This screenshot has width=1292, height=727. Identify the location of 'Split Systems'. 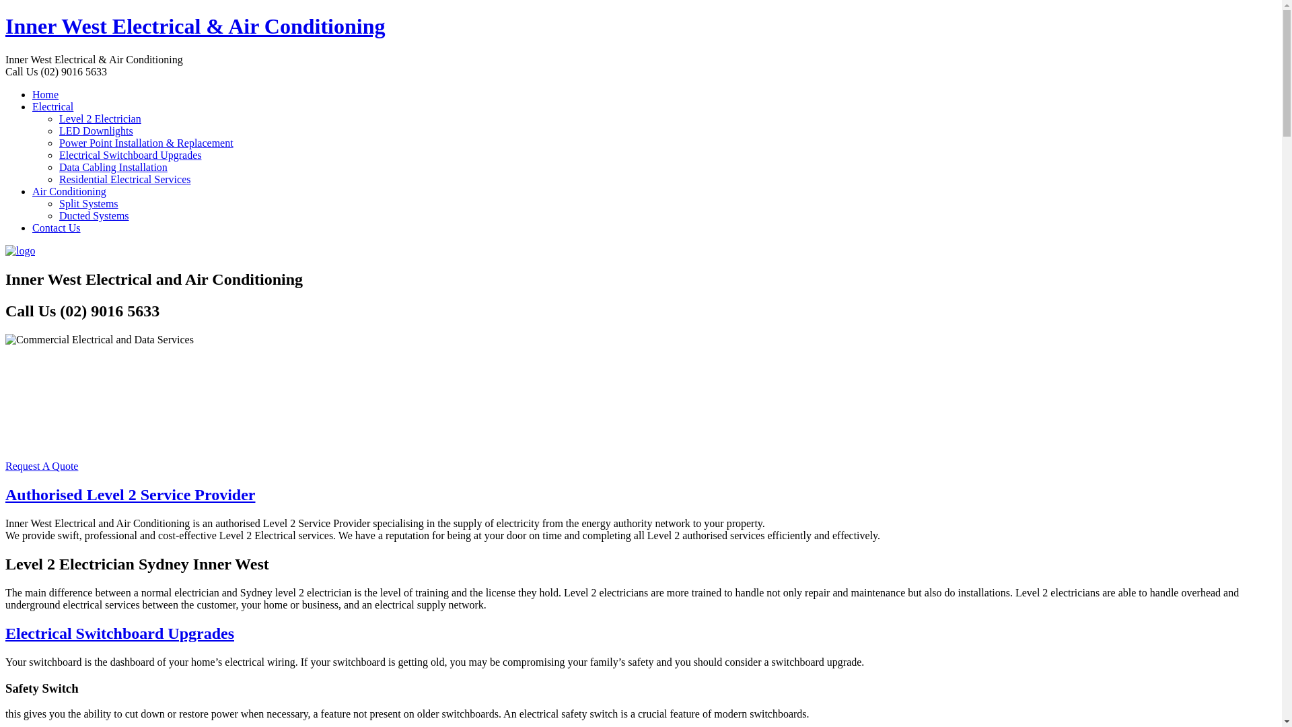
(87, 203).